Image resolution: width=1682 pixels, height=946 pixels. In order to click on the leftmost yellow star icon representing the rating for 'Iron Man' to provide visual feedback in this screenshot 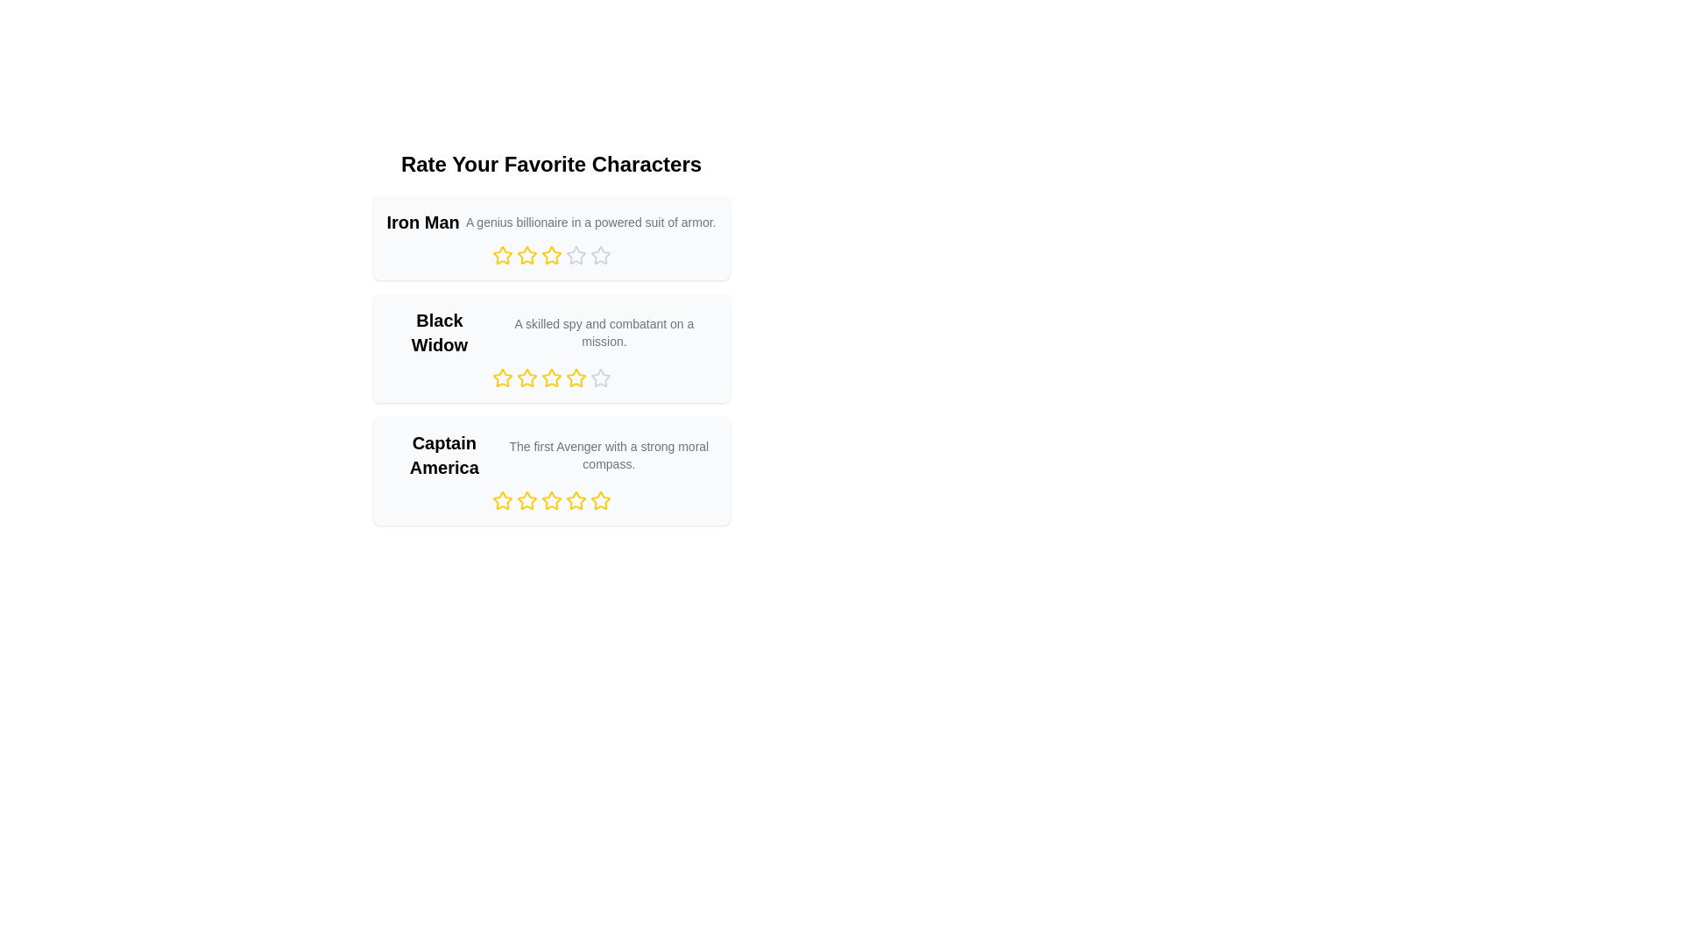, I will do `click(501, 255)`.